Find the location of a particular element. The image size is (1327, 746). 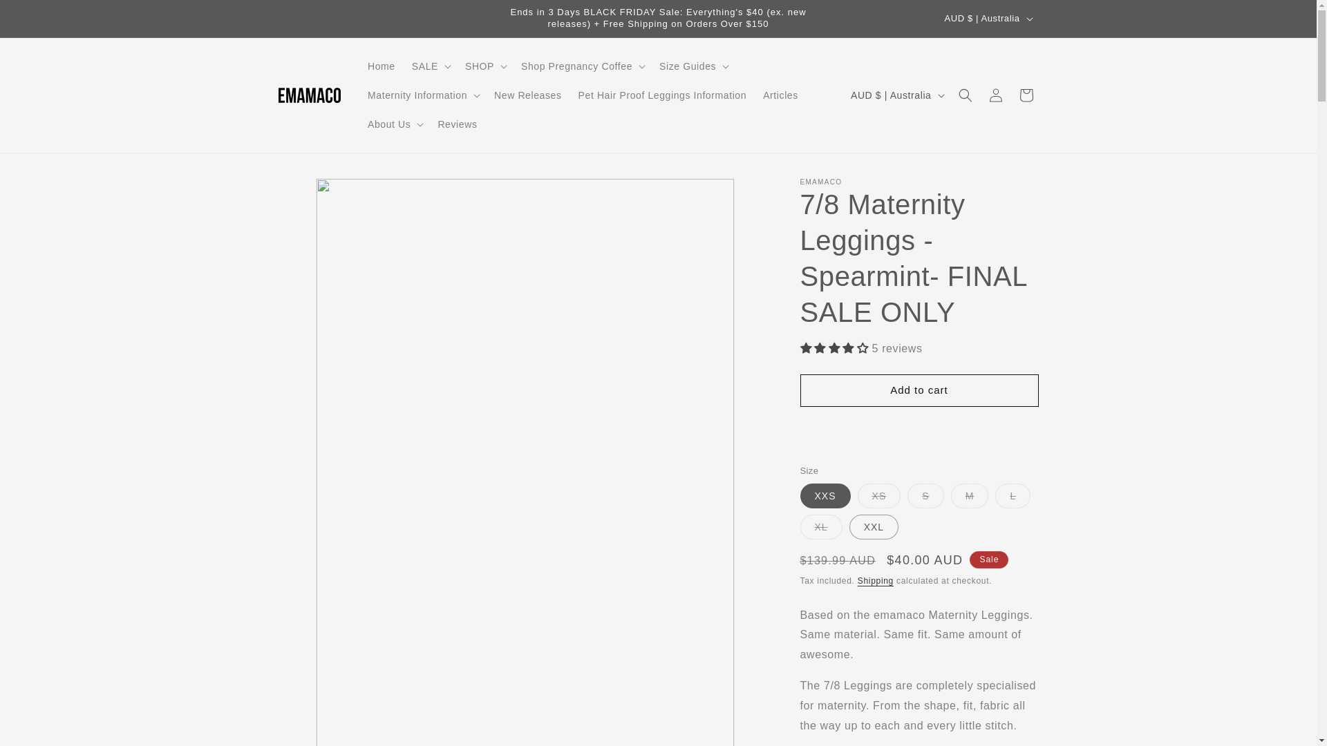

'Log in' is located at coordinates (995, 95).